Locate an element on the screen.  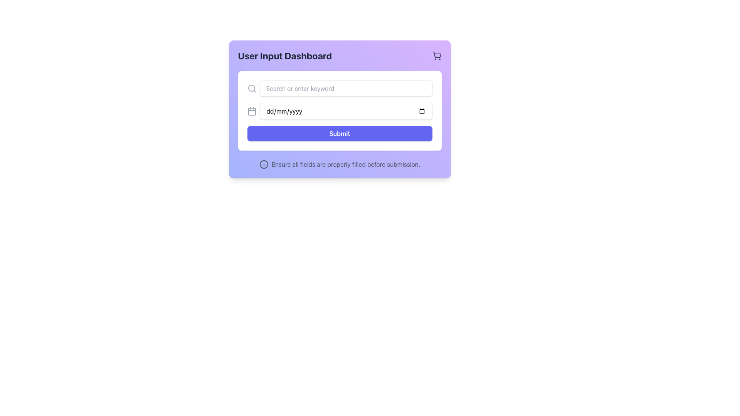
the small rectangle with rounded corners that is part of the calendar icon, located immediately to the left of the 'dd/mm/yyyy' date input field is located at coordinates (252, 111).